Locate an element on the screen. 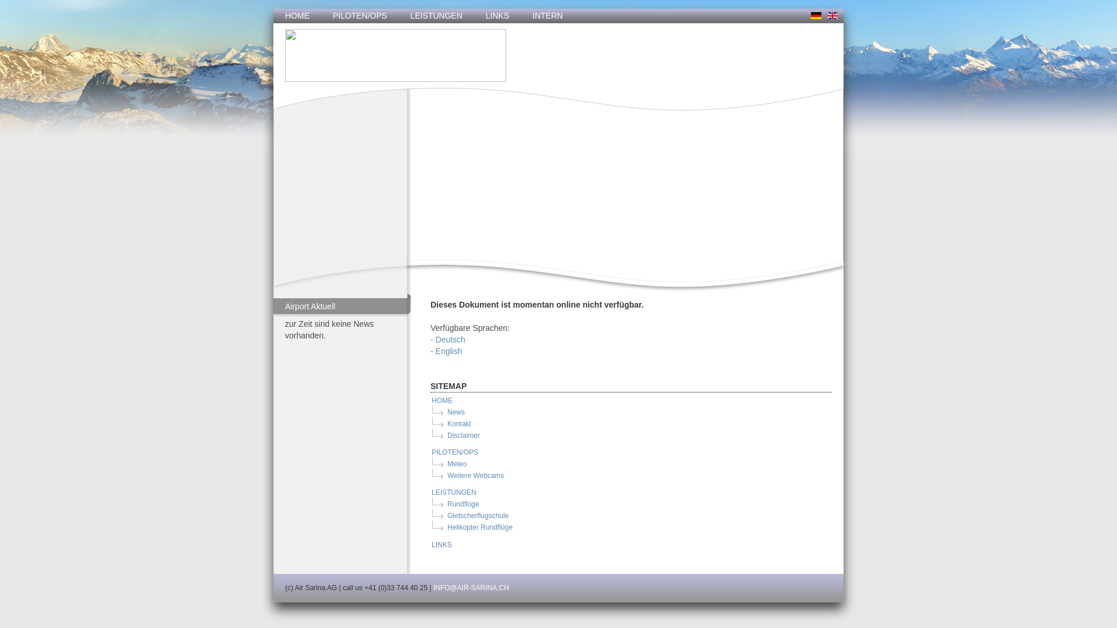 The image size is (1117, 628). 'englisch' is located at coordinates (831, 16).